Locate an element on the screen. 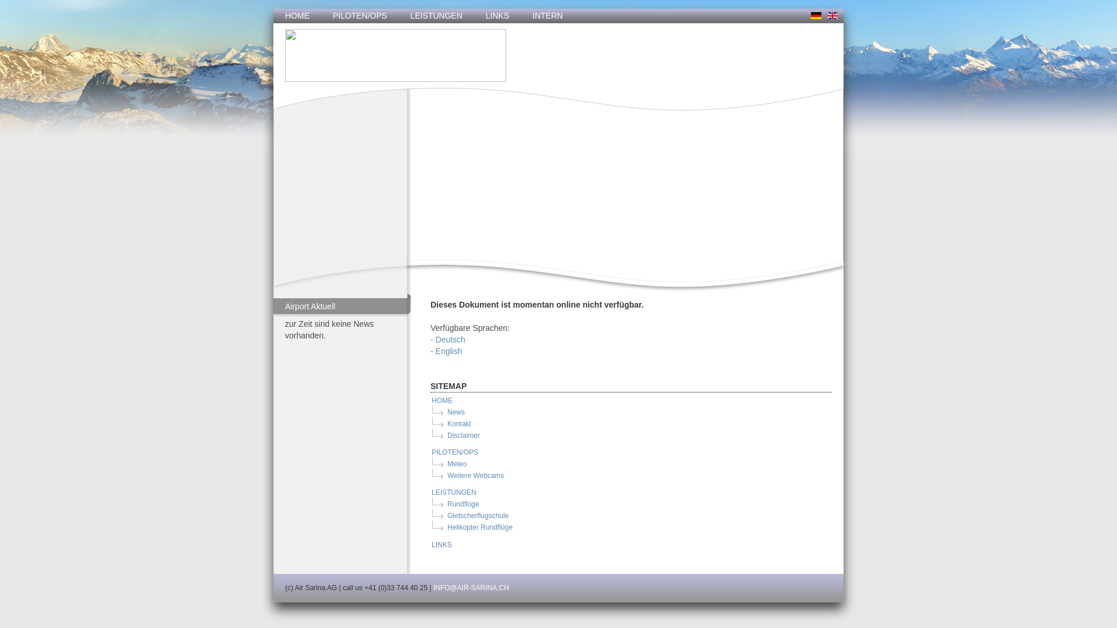 The image size is (1117, 628). 'englisch' is located at coordinates (831, 16).